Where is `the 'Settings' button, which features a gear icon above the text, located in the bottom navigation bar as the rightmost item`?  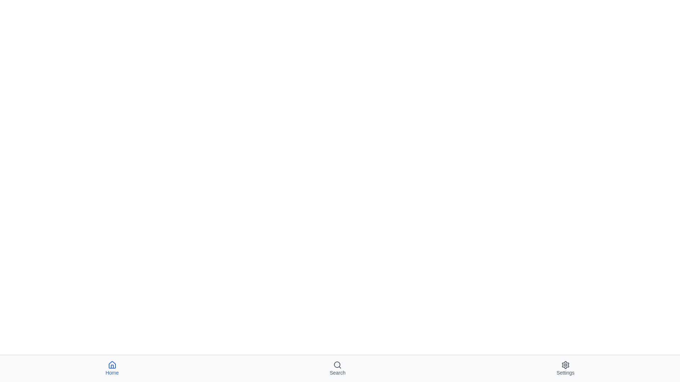
the 'Settings' button, which features a gear icon above the text, located in the bottom navigation bar as the rightmost item is located at coordinates (565, 368).